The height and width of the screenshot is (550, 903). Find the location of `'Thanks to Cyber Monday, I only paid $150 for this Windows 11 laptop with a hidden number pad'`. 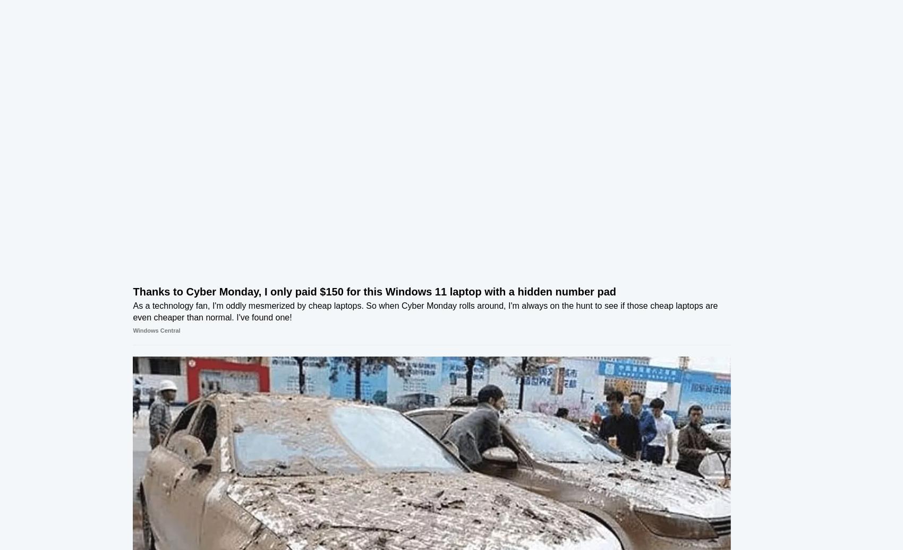

'Thanks to Cyber Monday, I only paid $150 for this Windows 11 laptop with a hidden number pad' is located at coordinates (325, 293).